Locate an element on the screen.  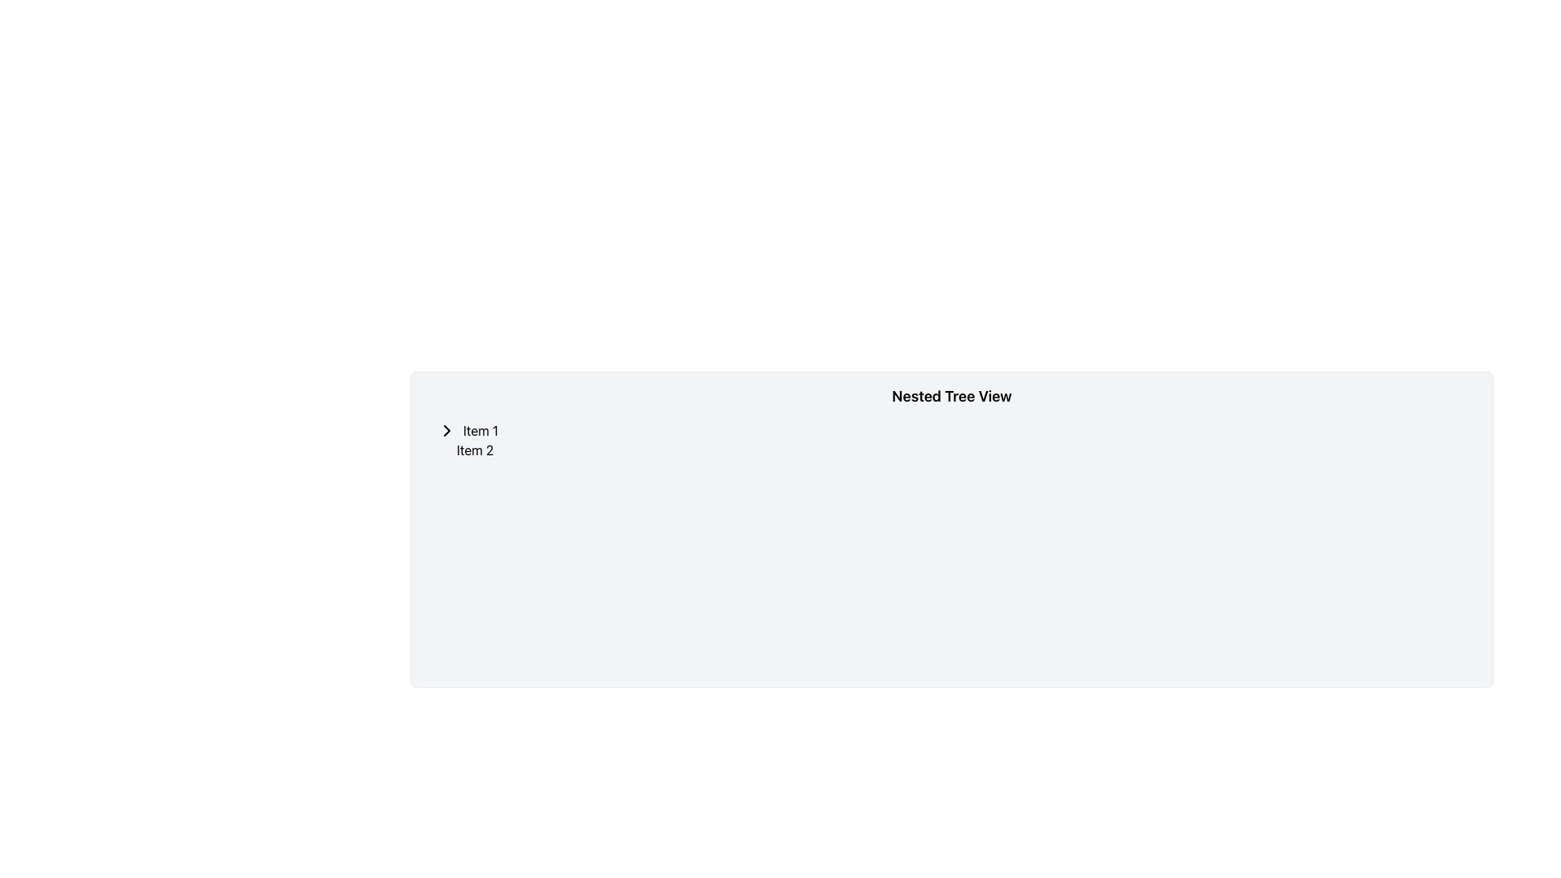
the Icon (Chevron Arrow) that toggles the nested list for 'Item 1' for keyboard interaction is located at coordinates (447, 429).